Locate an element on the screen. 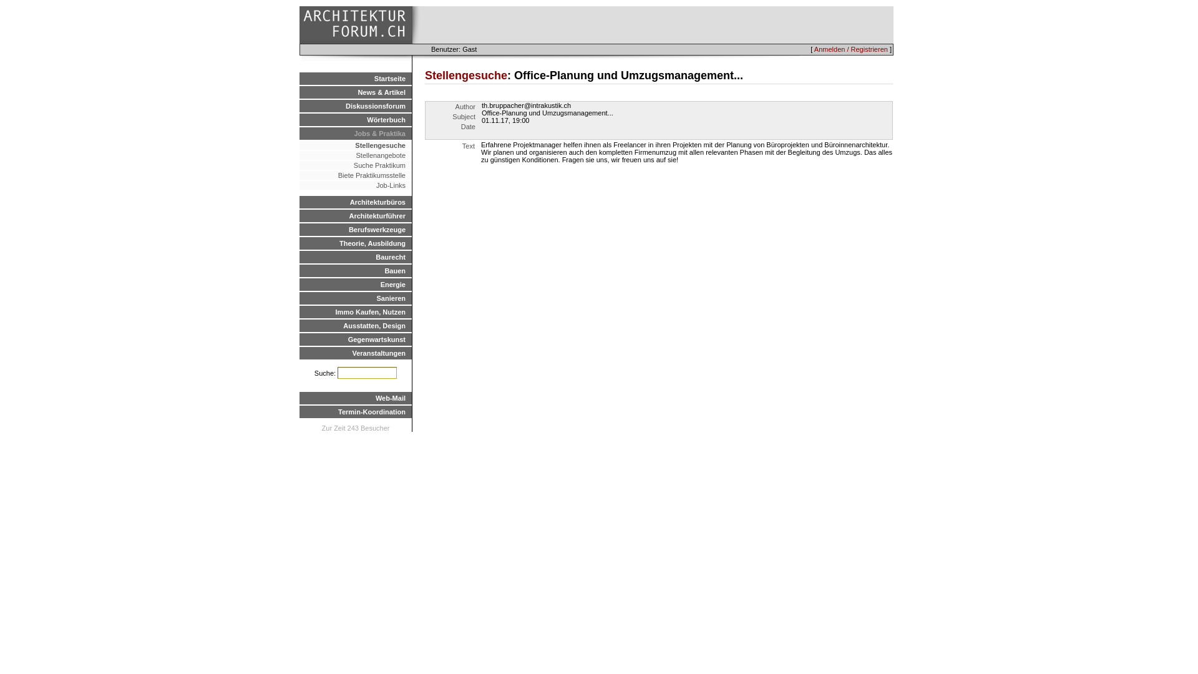 Image resolution: width=1198 pixels, height=674 pixels. 'Diskussionsforum' is located at coordinates (299, 105).